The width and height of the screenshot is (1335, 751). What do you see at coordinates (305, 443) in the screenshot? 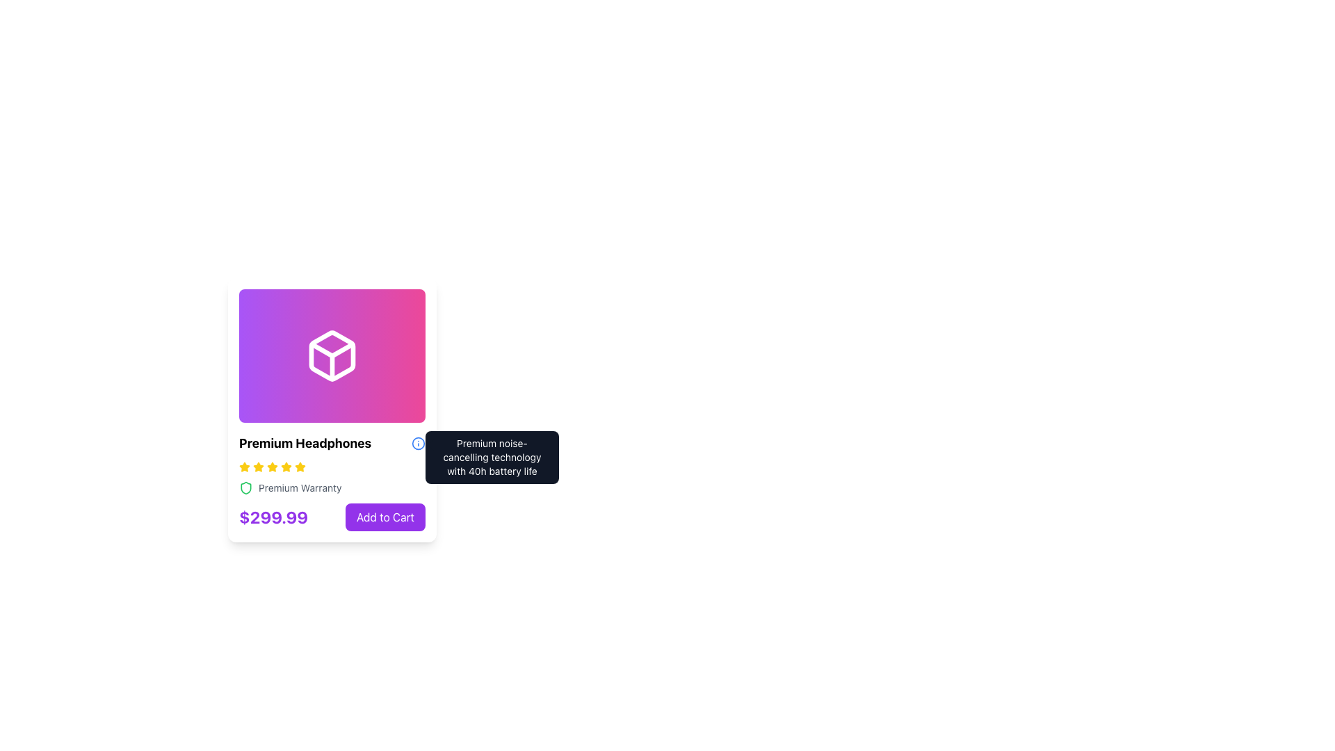
I see `the product title text element for 'Premium Headphones', which is located in the center of the card layout above the product features description` at bounding box center [305, 443].